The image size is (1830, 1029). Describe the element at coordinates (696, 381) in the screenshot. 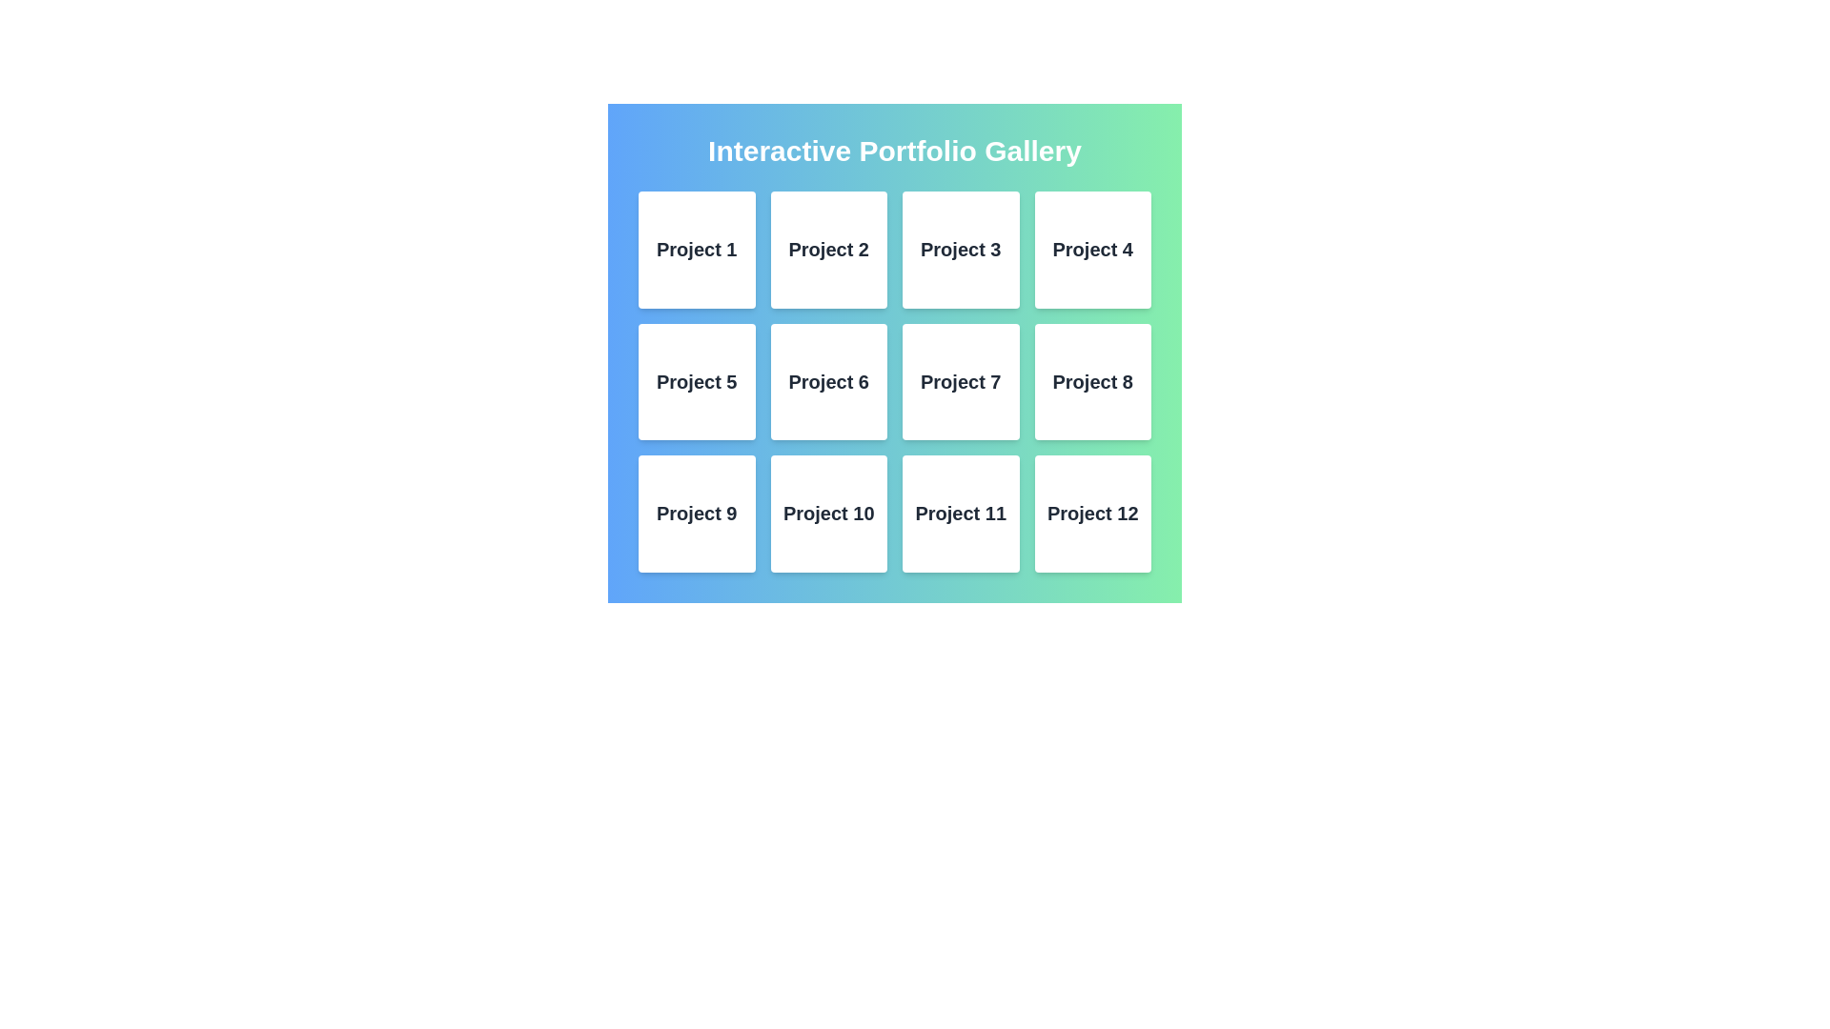

I see `the clickable card representing 'Project 5' located in the second row, first column of the grid` at that location.